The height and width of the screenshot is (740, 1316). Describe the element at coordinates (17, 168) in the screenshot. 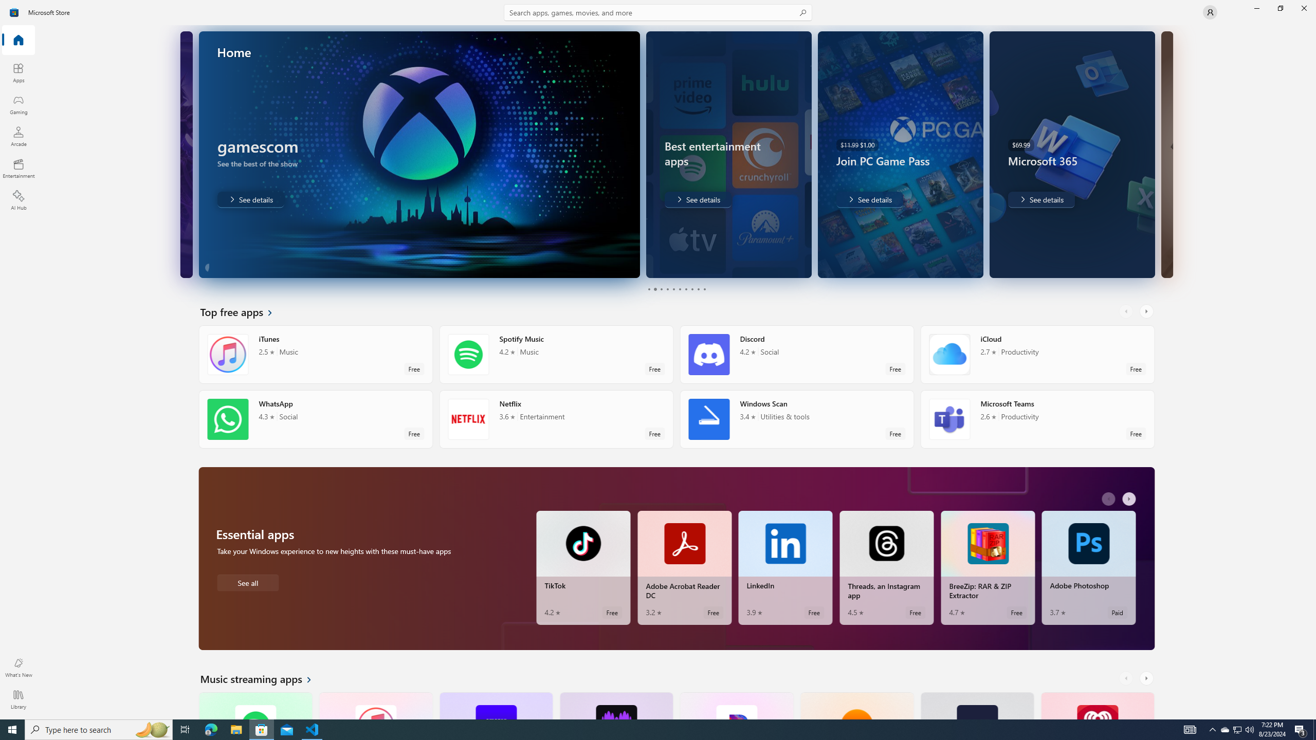

I see `'Entertainment'` at that location.